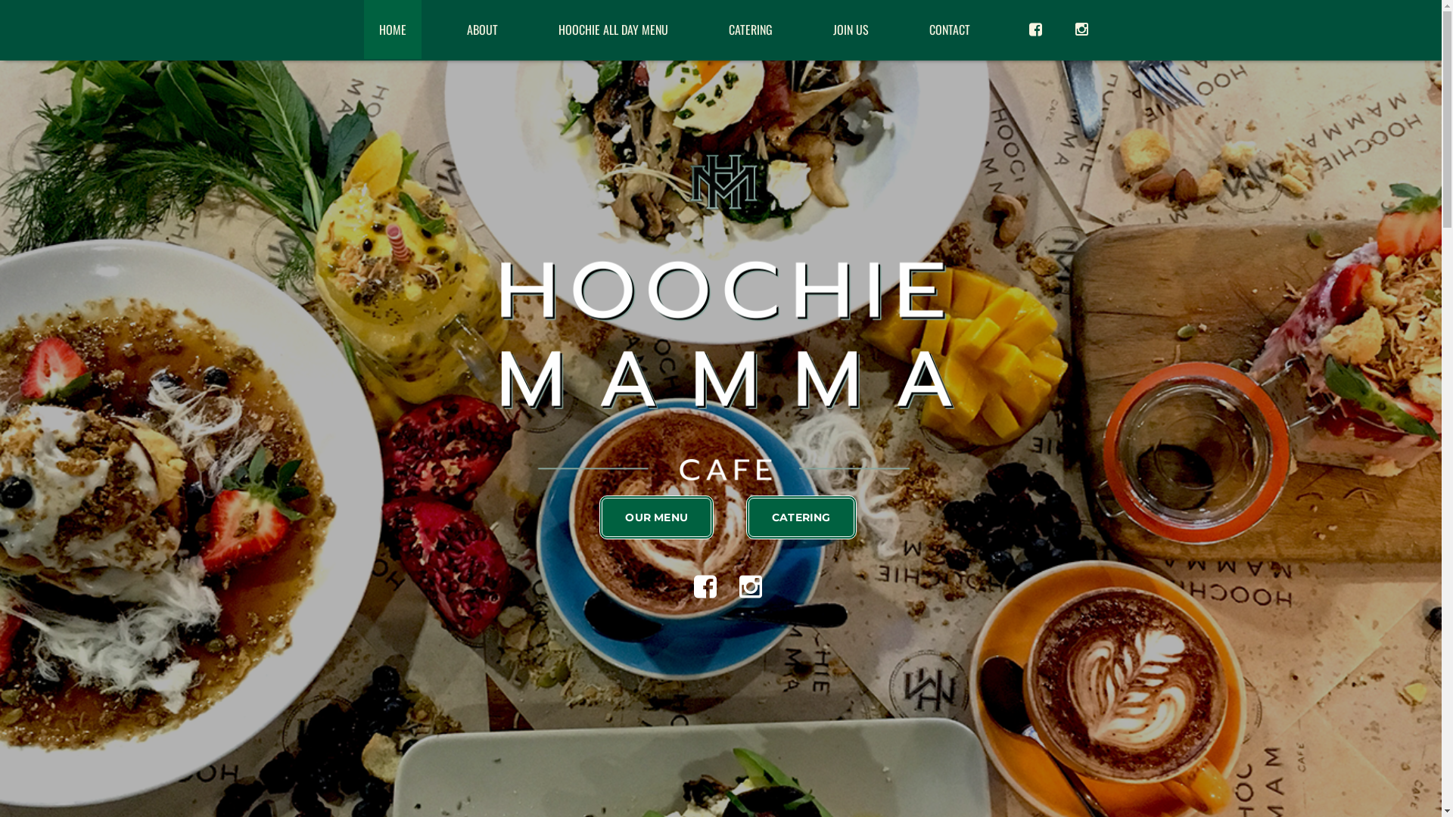 This screenshot has width=1453, height=817. I want to click on 'HOME', so click(392, 29).